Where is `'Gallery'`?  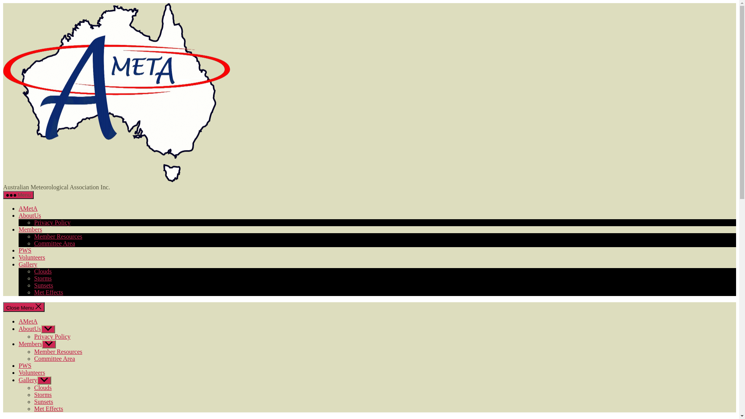
'Gallery' is located at coordinates (28, 379).